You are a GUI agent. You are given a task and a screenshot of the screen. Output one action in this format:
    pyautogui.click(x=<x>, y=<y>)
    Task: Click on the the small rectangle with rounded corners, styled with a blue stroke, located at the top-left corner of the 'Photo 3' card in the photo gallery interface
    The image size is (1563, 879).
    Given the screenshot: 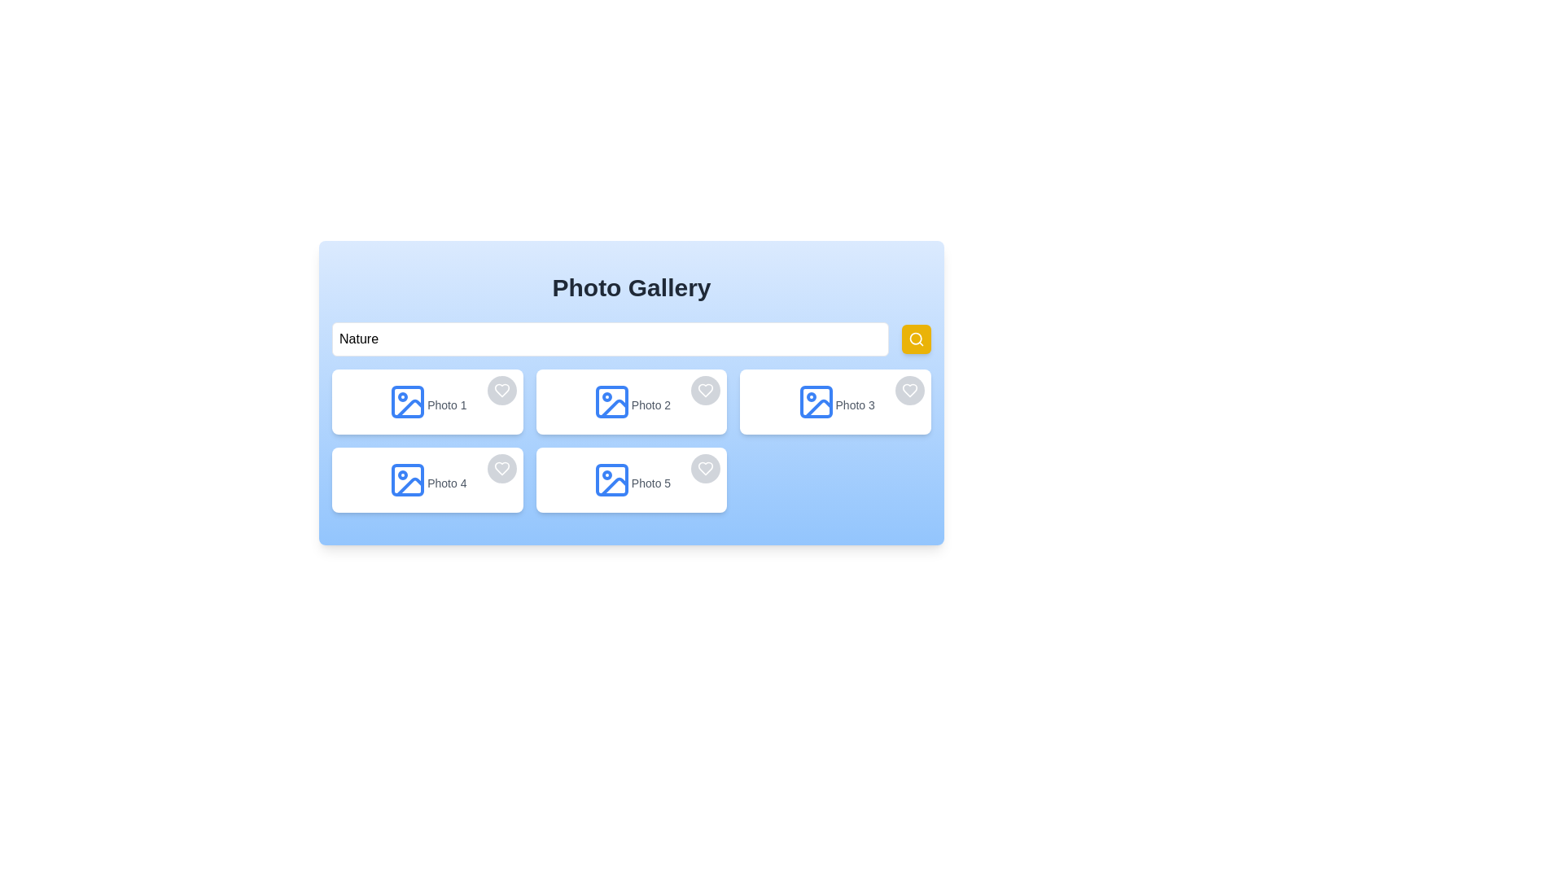 What is the action you would take?
    pyautogui.click(x=816, y=401)
    